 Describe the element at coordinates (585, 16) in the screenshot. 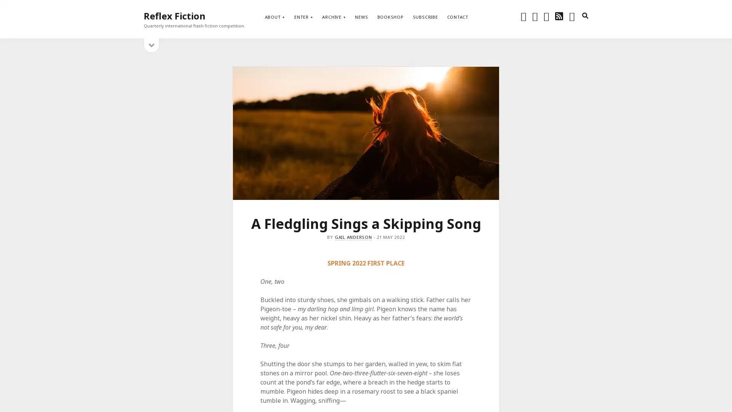

I see `search` at that location.